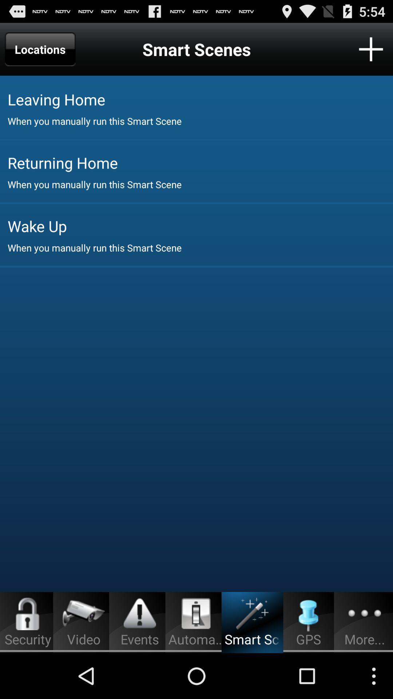 The width and height of the screenshot is (393, 699). What do you see at coordinates (200, 225) in the screenshot?
I see `item above when you manually app` at bounding box center [200, 225].